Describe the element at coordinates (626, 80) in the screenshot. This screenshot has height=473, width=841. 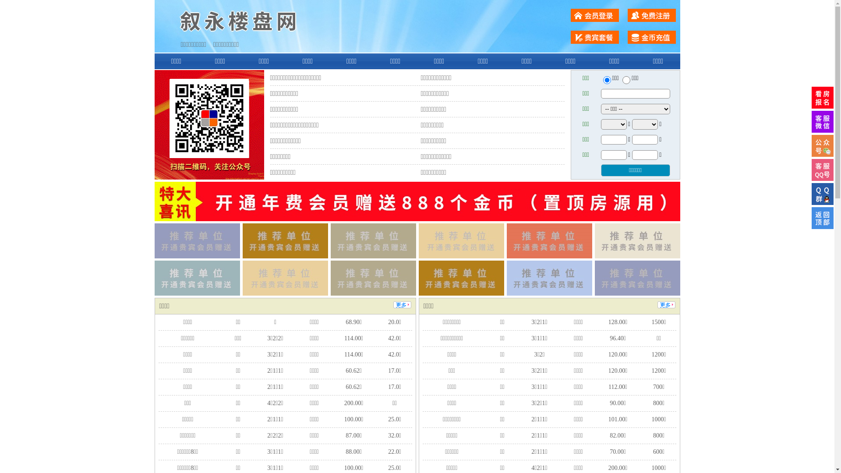
I see `'chuzu'` at that location.